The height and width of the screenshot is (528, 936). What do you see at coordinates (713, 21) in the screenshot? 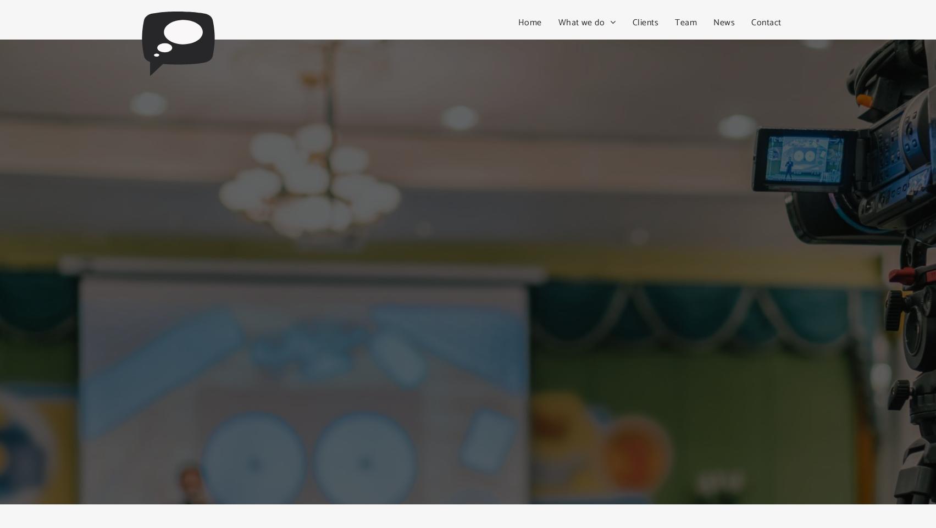
I see `'News'` at bounding box center [713, 21].